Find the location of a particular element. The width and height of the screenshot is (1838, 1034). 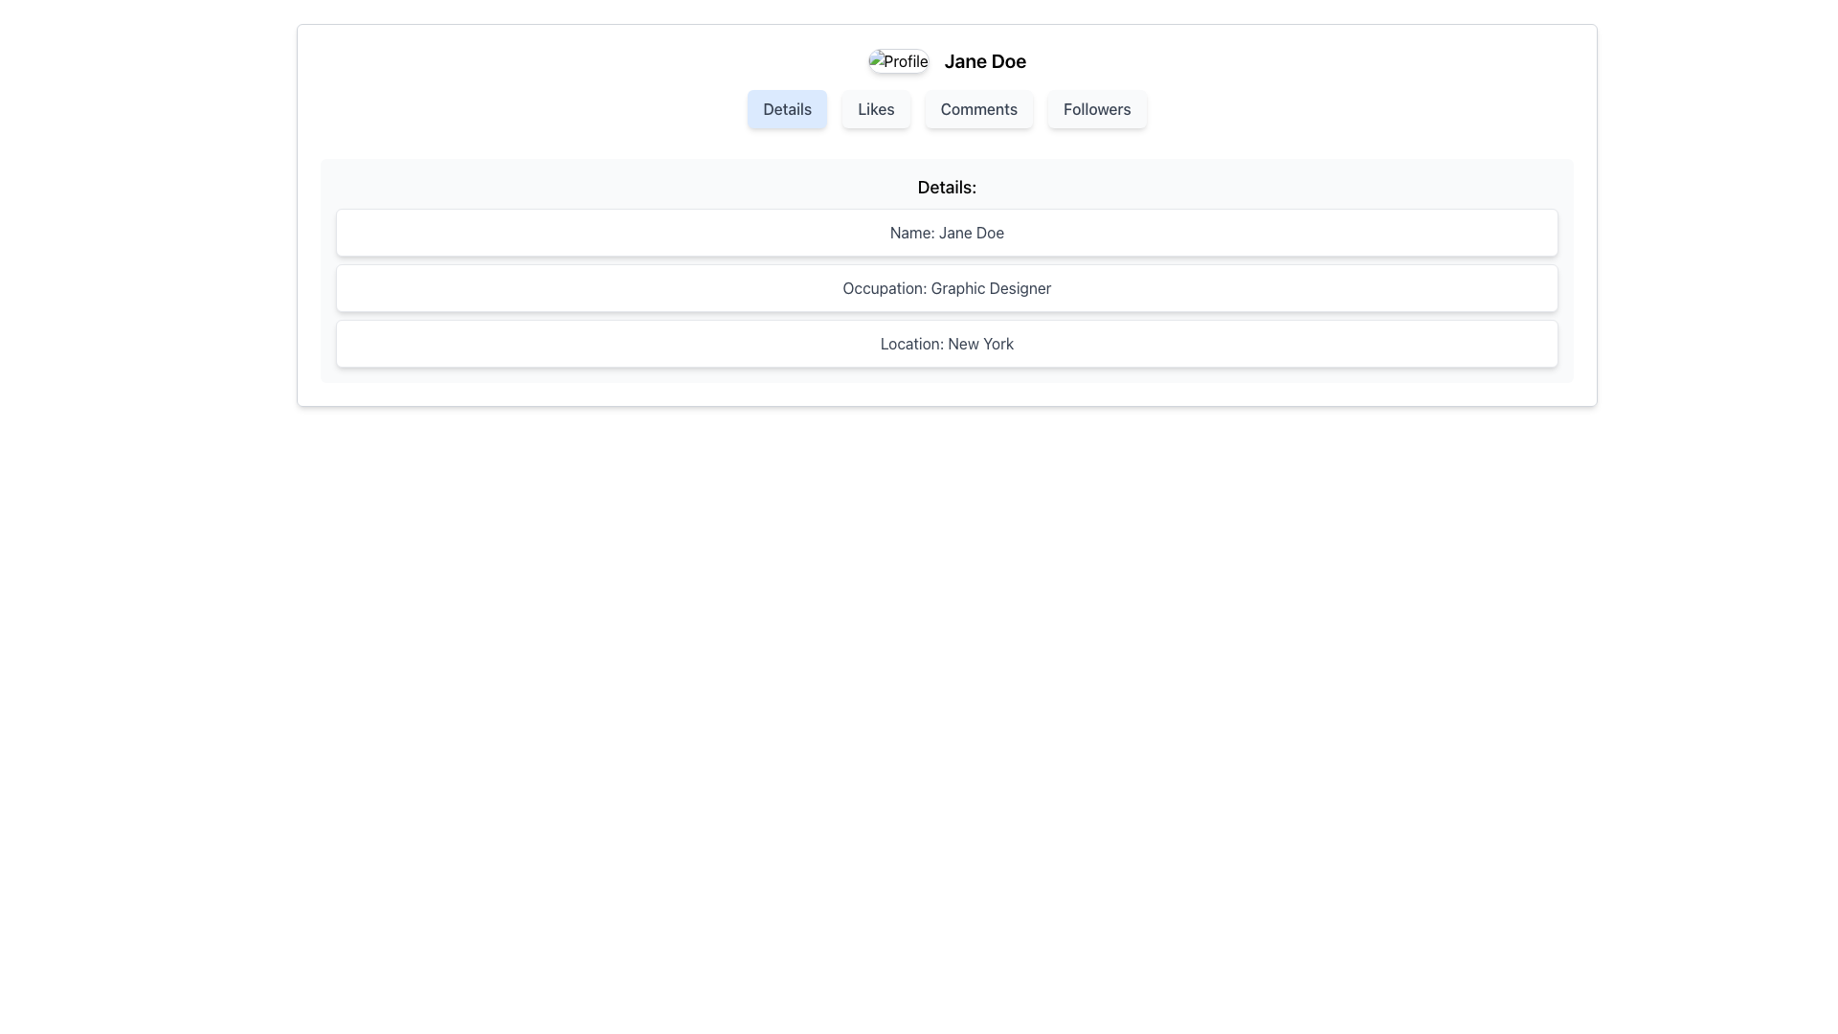

the 'Comments' button, which is a rectangular button with a light gray background and dark gray text, located centrally below the 'Jane Doe' heading is located at coordinates (978, 109).